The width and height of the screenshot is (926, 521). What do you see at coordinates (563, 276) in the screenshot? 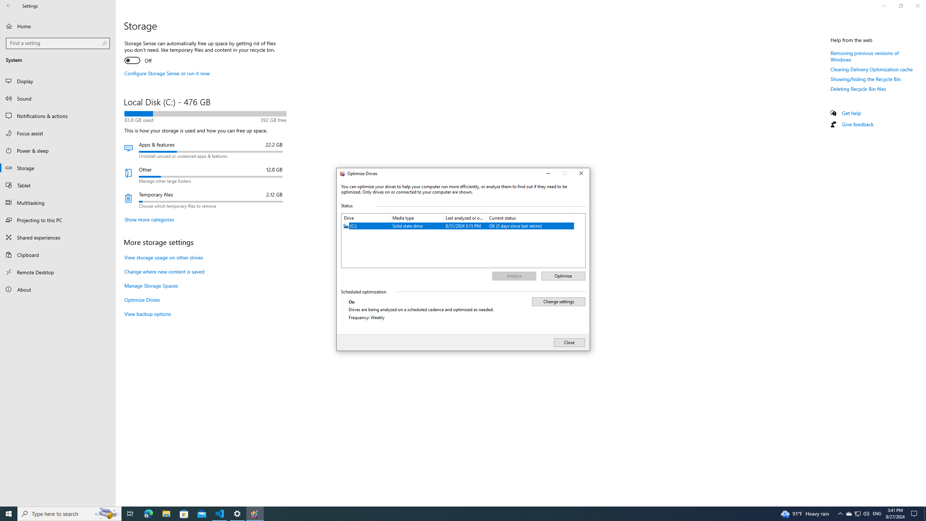
I see `'Optimize'` at bounding box center [563, 276].